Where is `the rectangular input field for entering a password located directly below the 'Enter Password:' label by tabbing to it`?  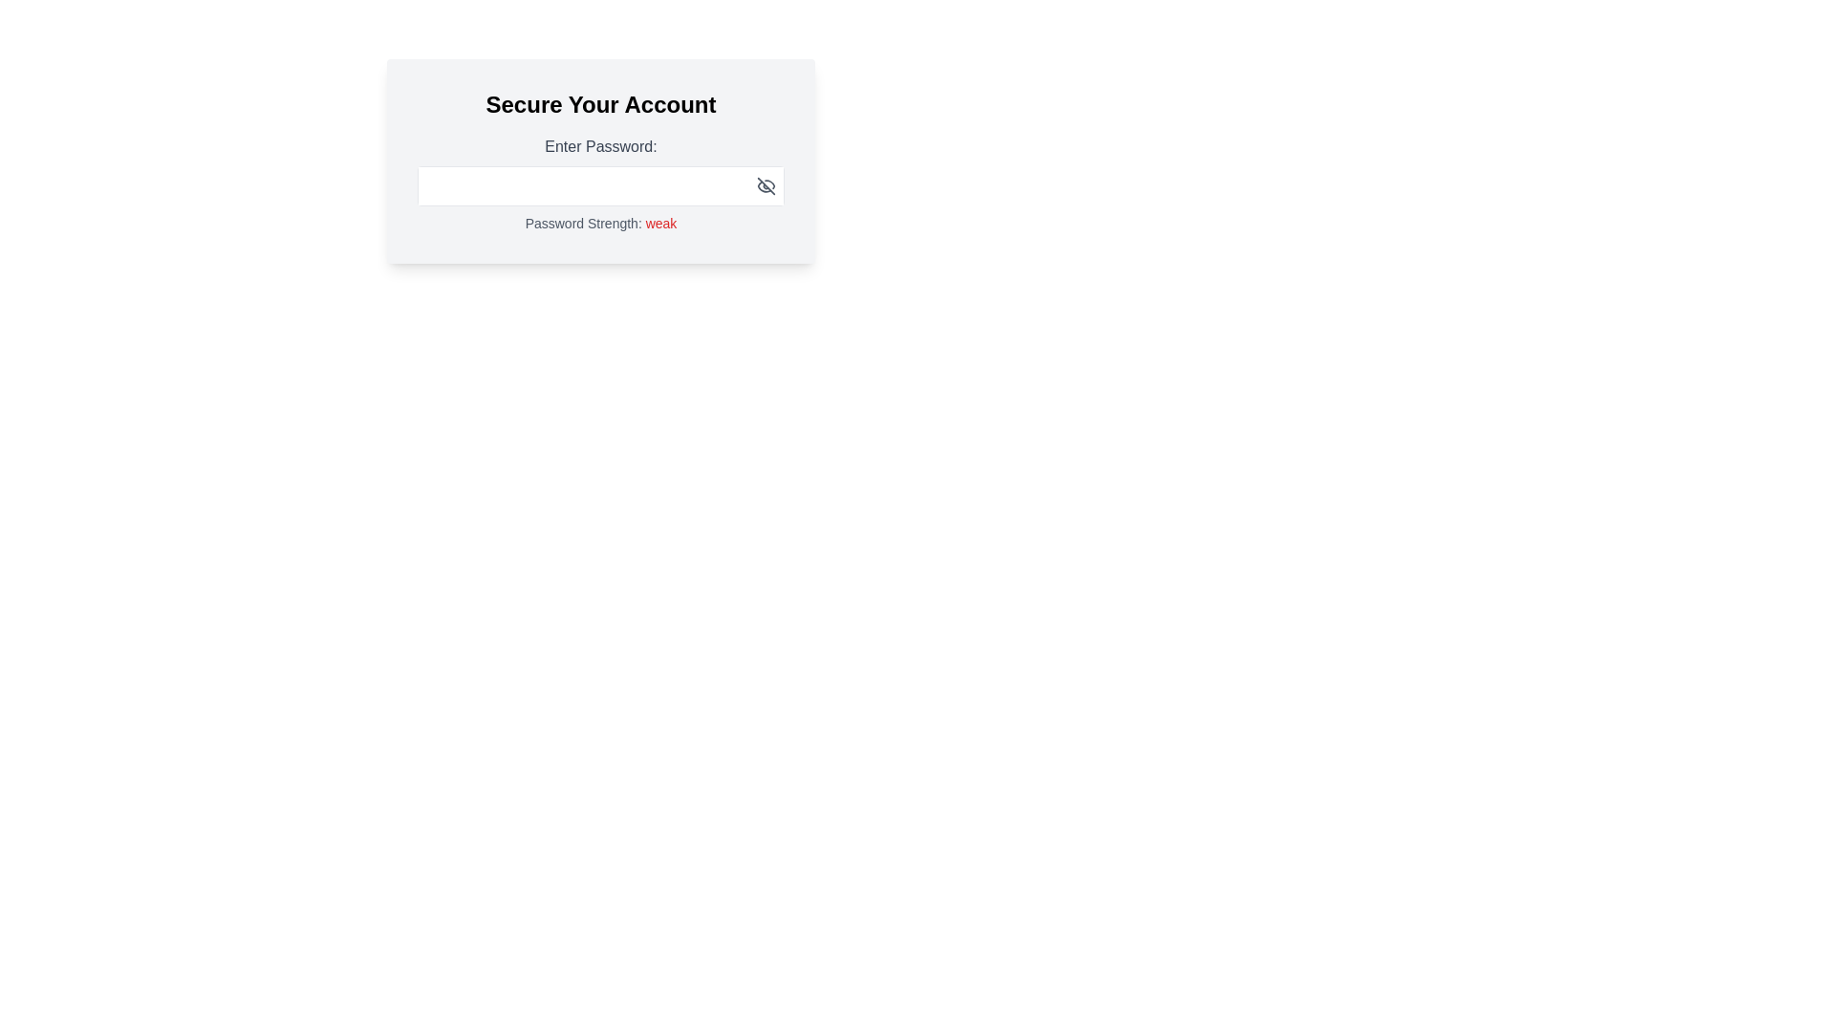 the rectangular input field for entering a password located directly below the 'Enter Password:' label by tabbing to it is located at coordinates (599, 186).